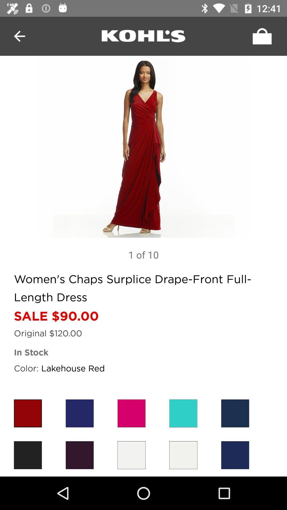 The height and width of the screenshot is (510, 287). Describe the element at coordinates (260, 36) in the screenshot. I see `share the page` at that location.